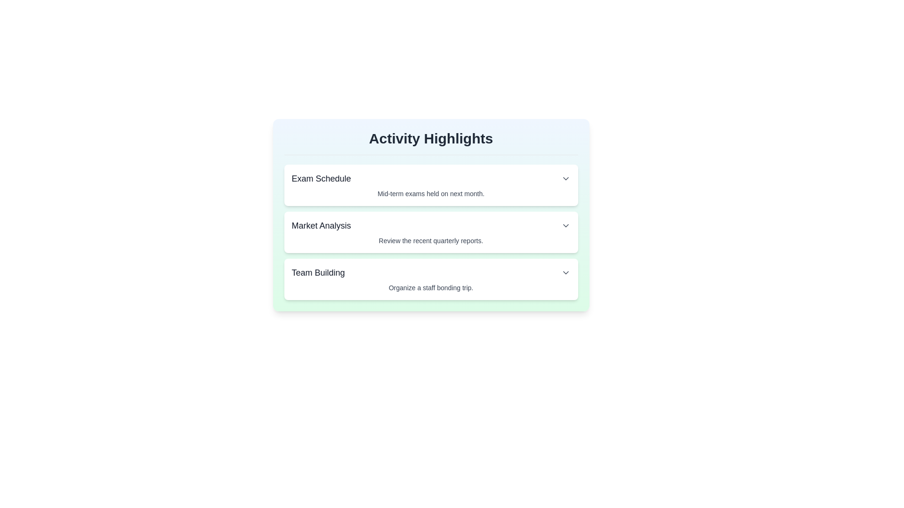  Describe the element at coordinates (430, 232) in the screenshot. I see `the item titled Market Analysis` at that location.